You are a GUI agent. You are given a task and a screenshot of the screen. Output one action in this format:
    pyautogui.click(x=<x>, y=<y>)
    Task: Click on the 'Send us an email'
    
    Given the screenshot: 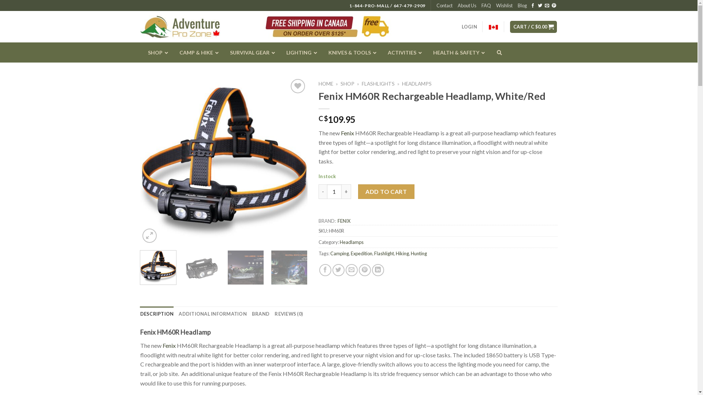 What is the action you would take?
    pyautogui.click(x=547, y=5)
    